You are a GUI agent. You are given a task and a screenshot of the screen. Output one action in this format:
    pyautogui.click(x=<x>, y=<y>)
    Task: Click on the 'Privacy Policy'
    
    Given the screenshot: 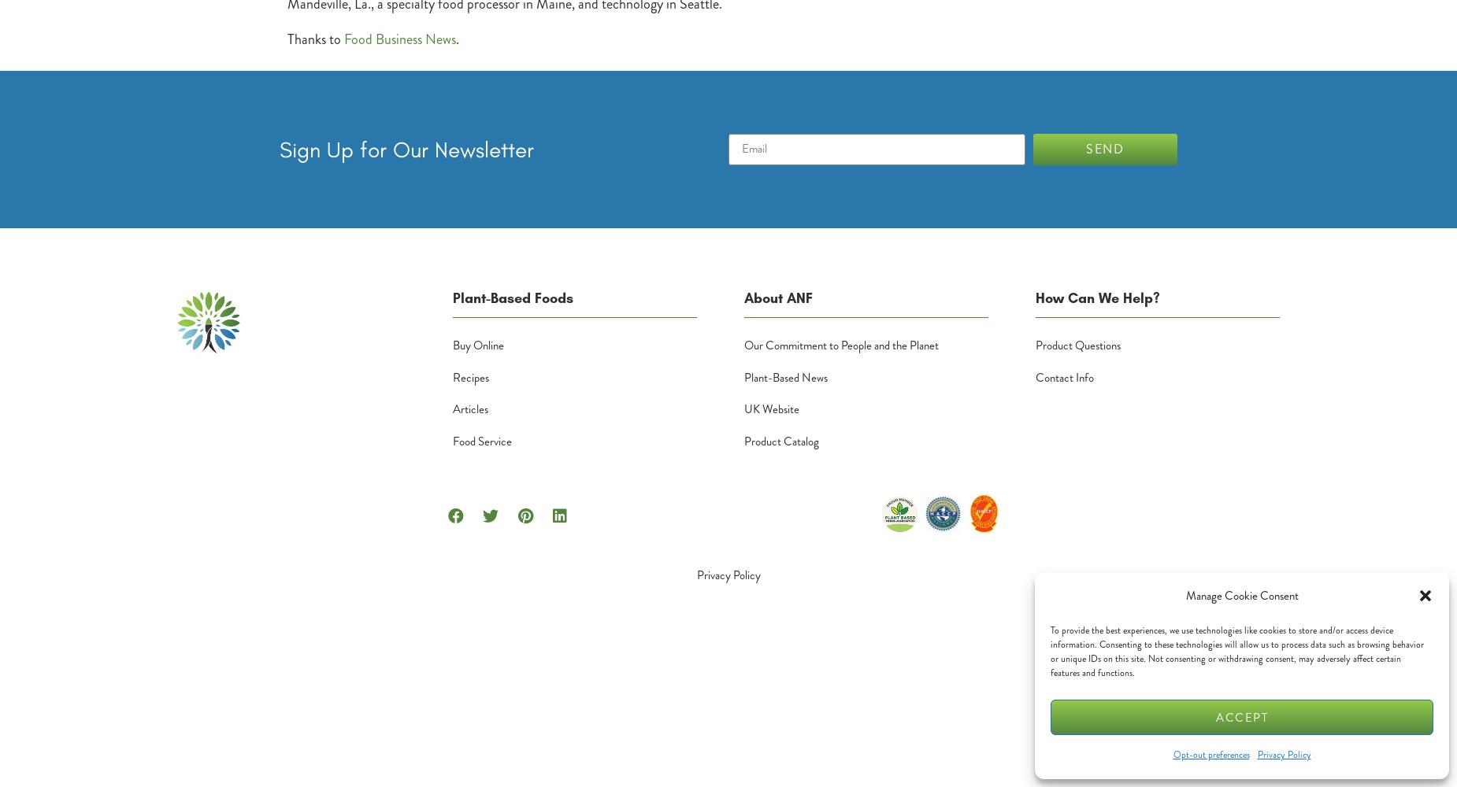 What is the action you would take?
    pyautogui.click(x=728, y=575)
    